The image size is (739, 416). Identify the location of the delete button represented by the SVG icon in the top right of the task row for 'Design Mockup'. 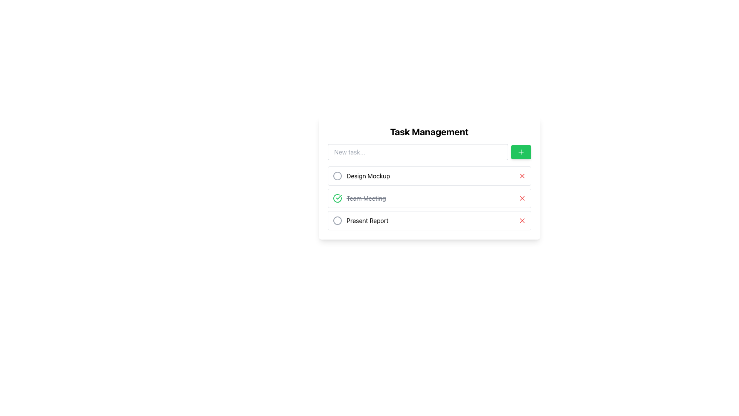
(522, 176).